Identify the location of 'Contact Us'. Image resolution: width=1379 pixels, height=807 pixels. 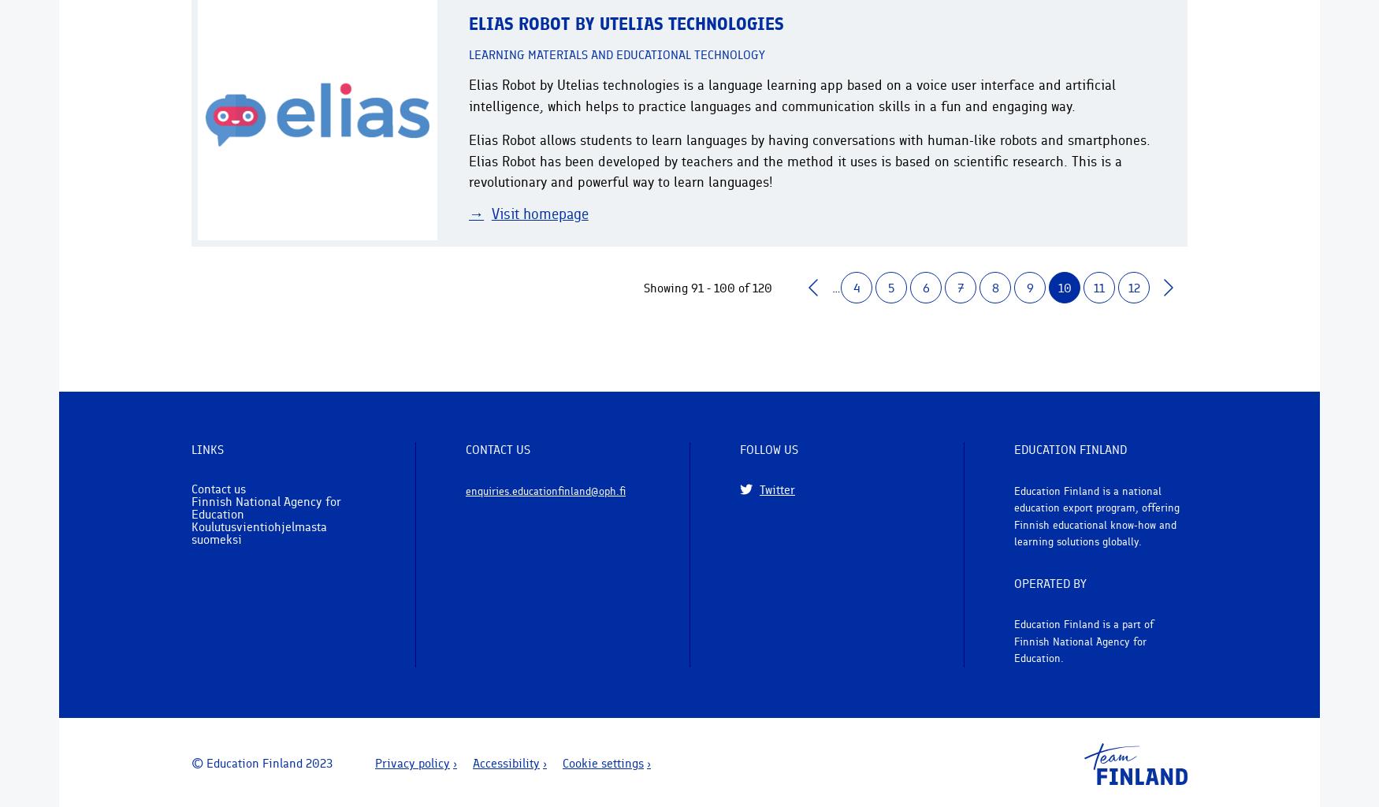
(496, 448).